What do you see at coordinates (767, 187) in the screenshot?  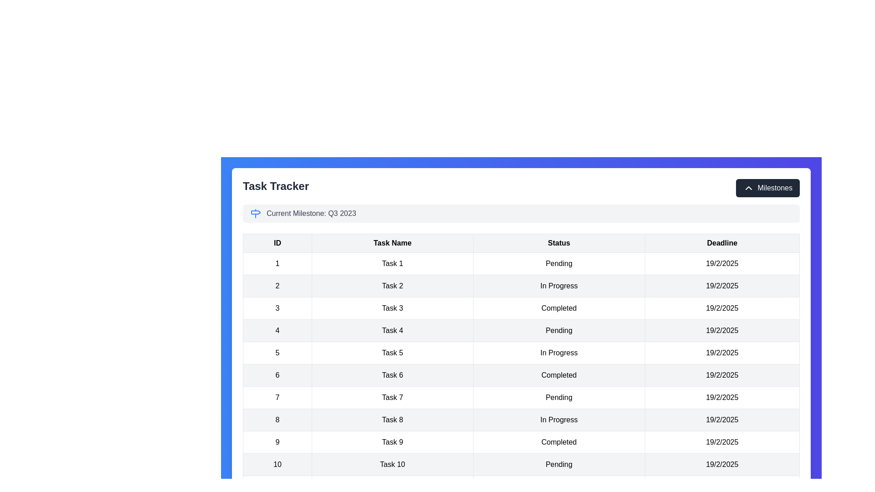 I see `'Milestones' button to toggle the milestone section visibility` at bounding box center [767, 187].